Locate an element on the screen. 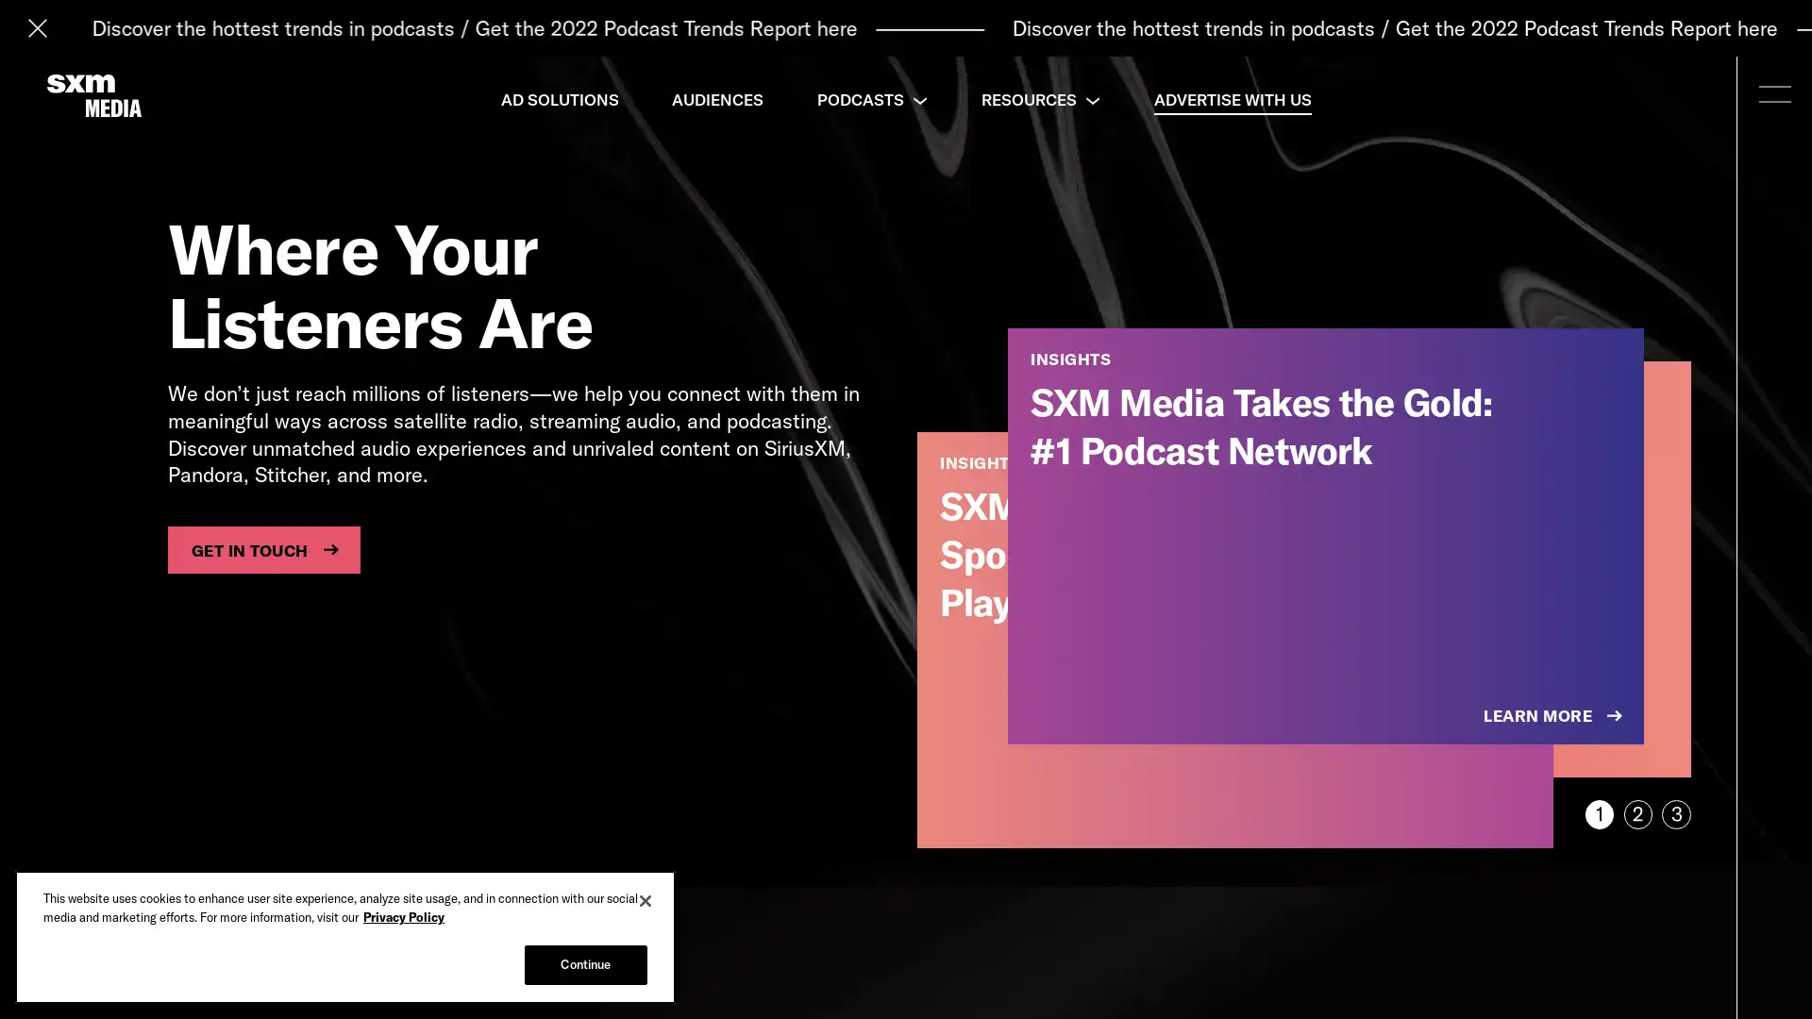  1 is located at coordinates (1598, 813).